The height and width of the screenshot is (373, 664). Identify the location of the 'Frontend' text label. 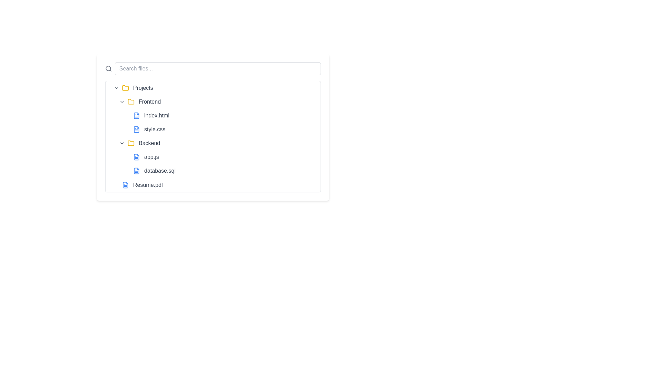
(149, 102).